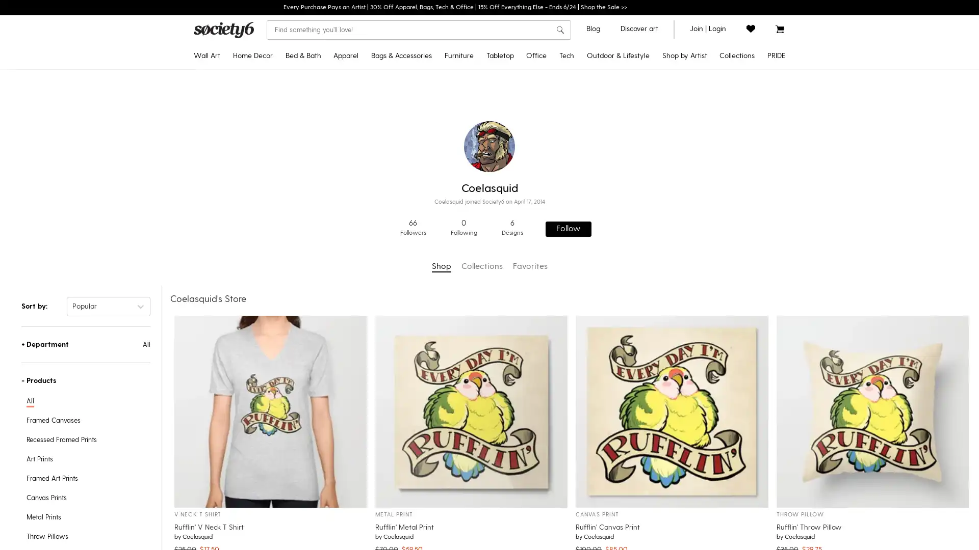  What do you see at coordinates (378, 114) in the screenshot?
I see `Hoodies` at bounding box center [378, 114].